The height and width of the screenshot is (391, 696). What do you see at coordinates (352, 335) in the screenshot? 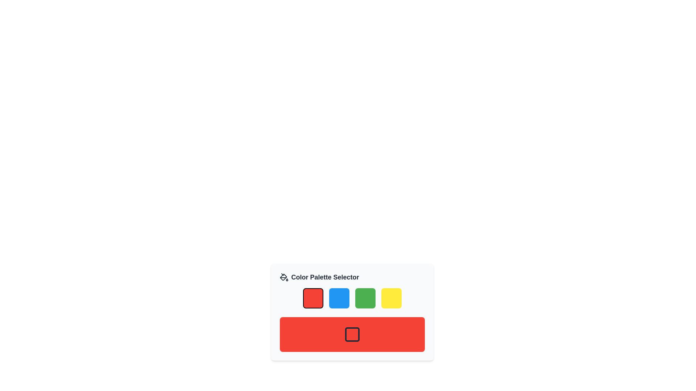
I see `the selection button located at the bottom of the 'Color Palette Selector' panel` at bounding box center [352, 335].